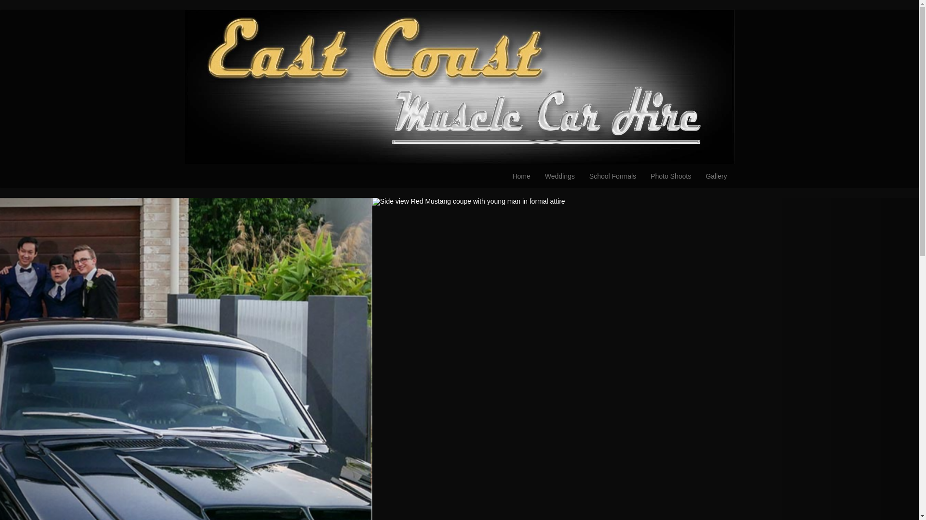  What do you see at coordinates (716, 176) in the screenshot?
I see `'Gallery'` at bounding box center [716, 176].